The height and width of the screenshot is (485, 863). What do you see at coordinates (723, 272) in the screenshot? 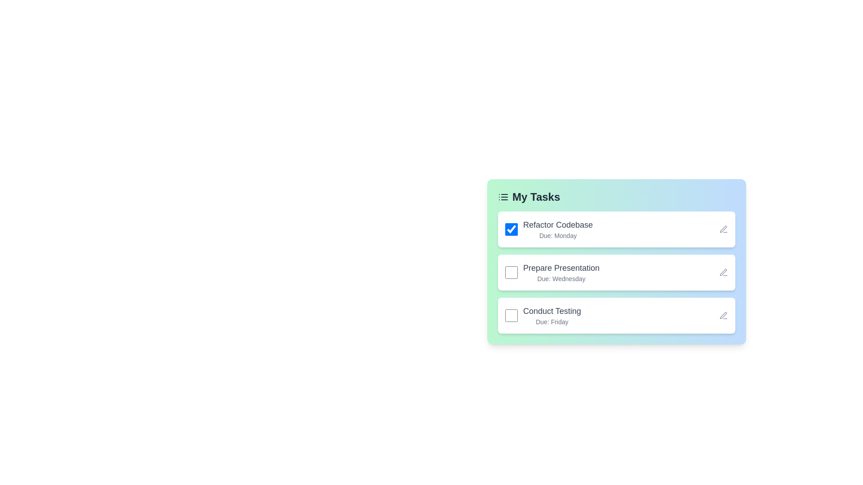
I see `the edit icon for the task titled 'Prepare Presentation'` at bounding box center [723, 272].